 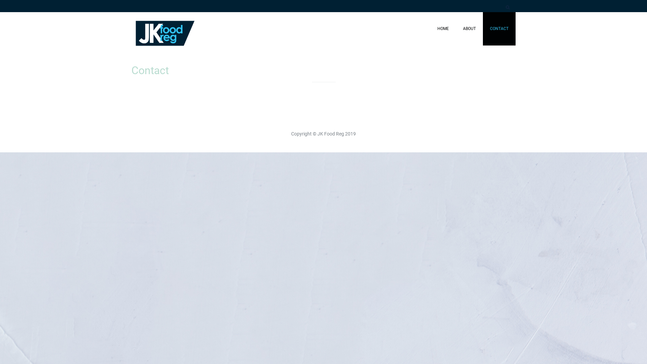 What do you see at coordinates (469, 28) in the screenshot?
I see `'ABOUT'` at bounding box center [469, 28].